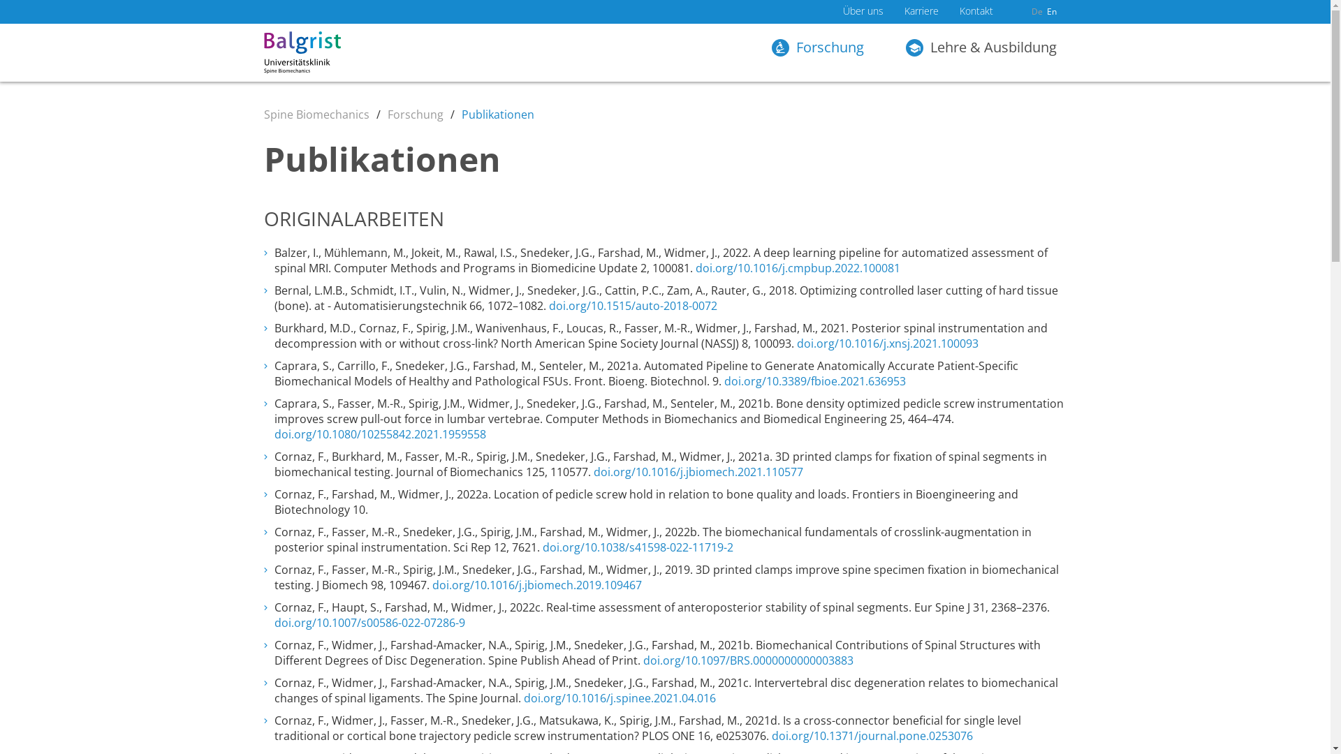 The height and width of the screenshot is (754, 1341). Describe the element at coordinates (316, 114) in the screenshot. I see `'Spine Biomechanics'` at that location.